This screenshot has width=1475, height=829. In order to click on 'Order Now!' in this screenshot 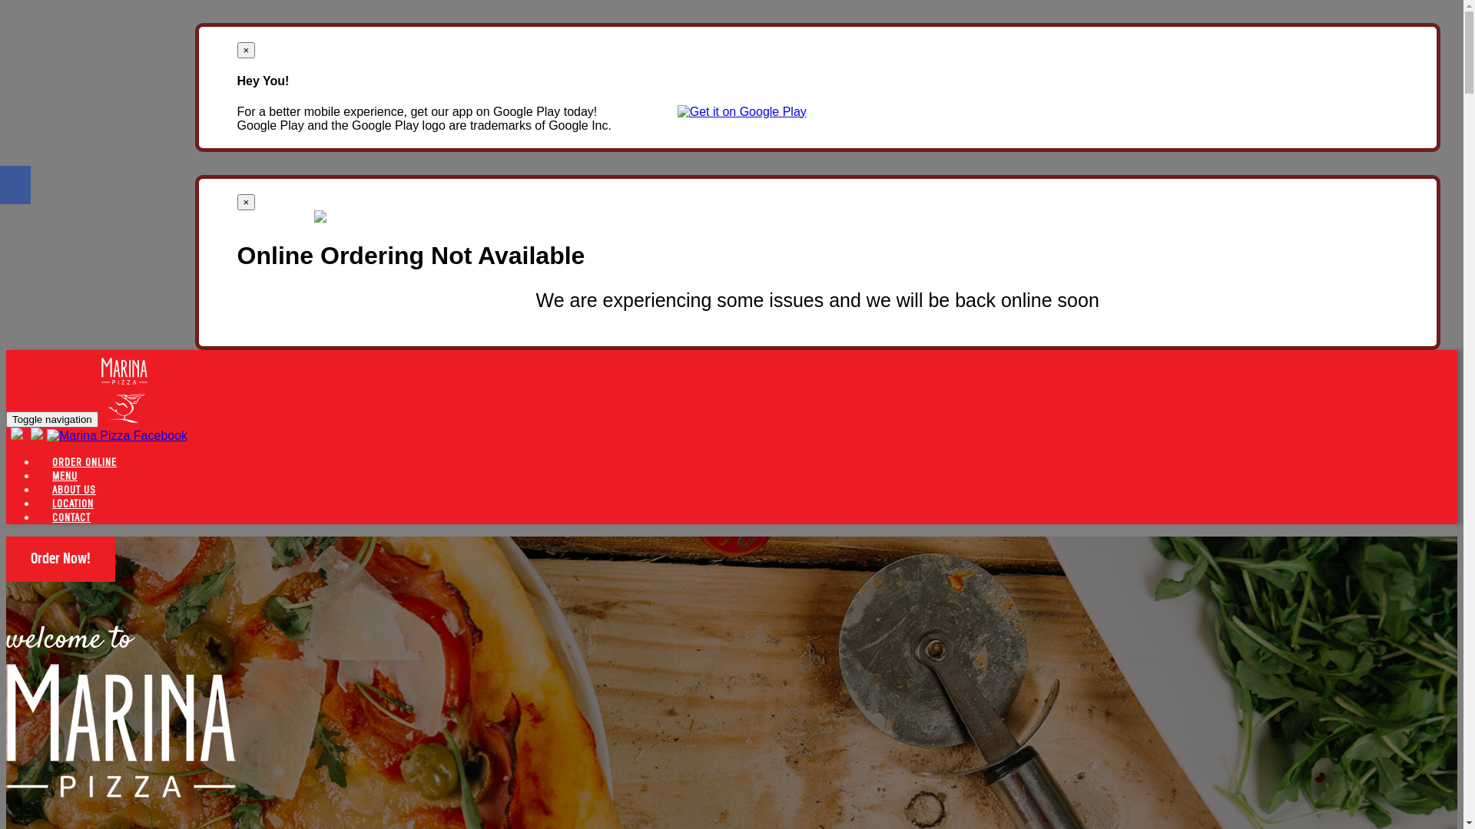, I will do `click(60, 559)`.